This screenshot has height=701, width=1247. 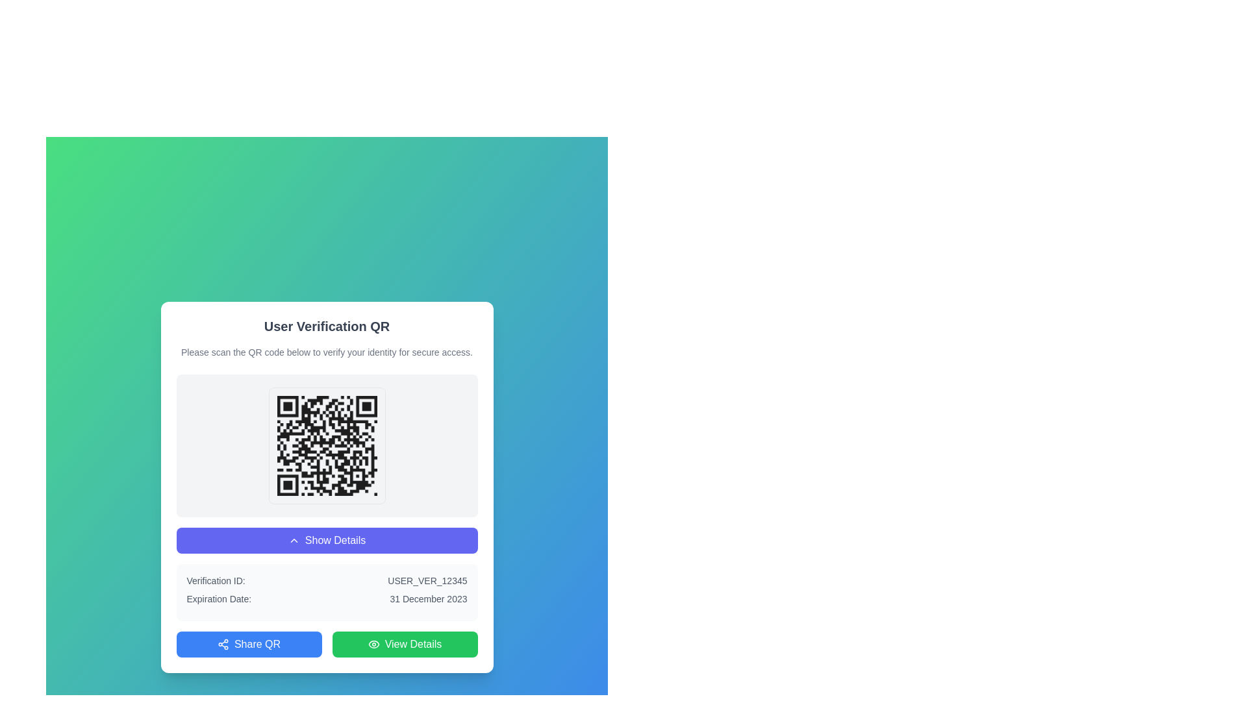 I want to click on the icon located inside the 'View Details' button, positioned on the left side of the button text, so click(x=373, y=644).